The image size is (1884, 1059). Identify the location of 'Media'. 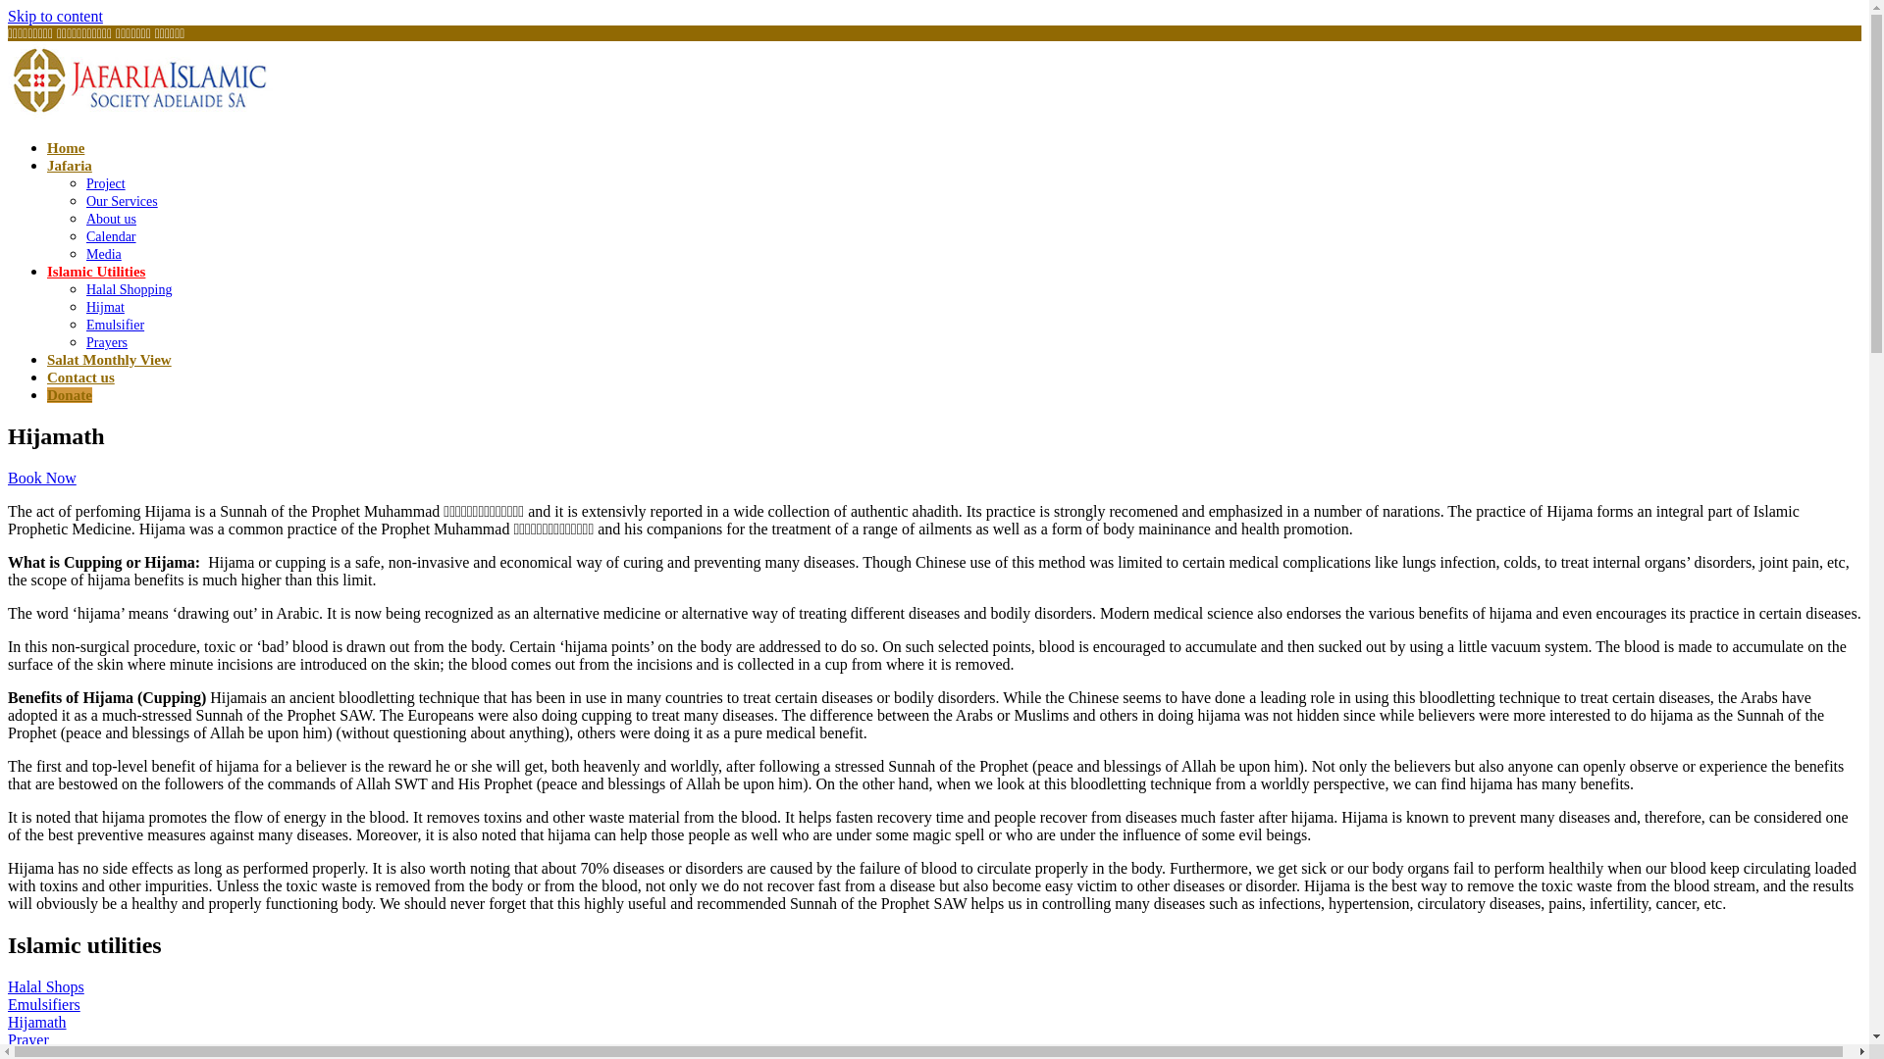
(102, 253).